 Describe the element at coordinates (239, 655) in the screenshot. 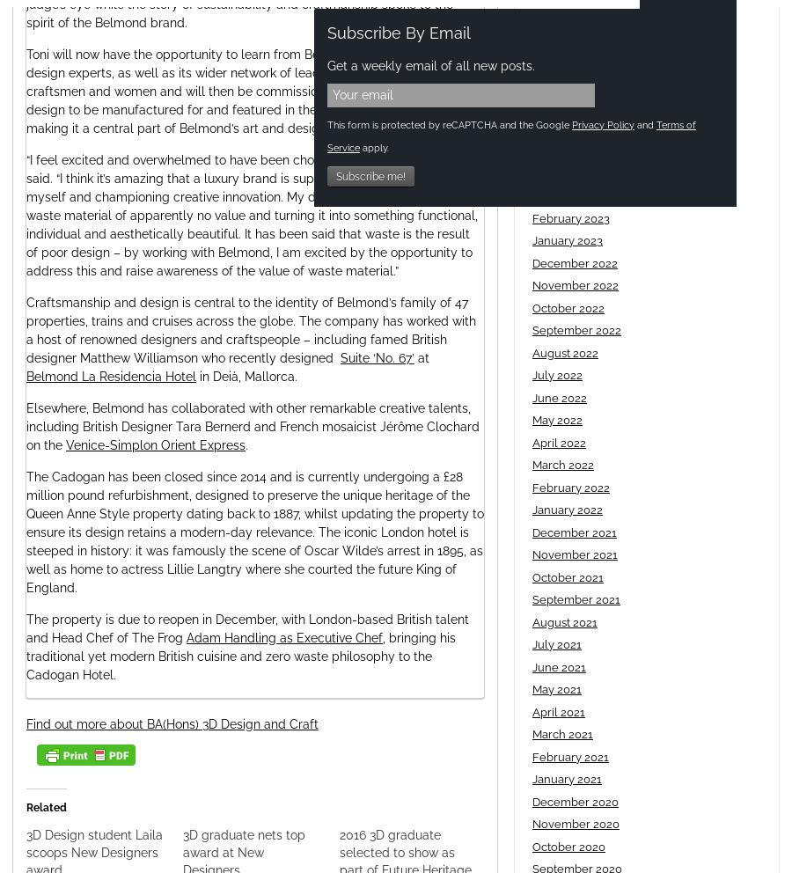

I see `', bringing his traditional yet modern British cuisine and zero waste philosophy to the Cadogan Hotel.'` at that location.